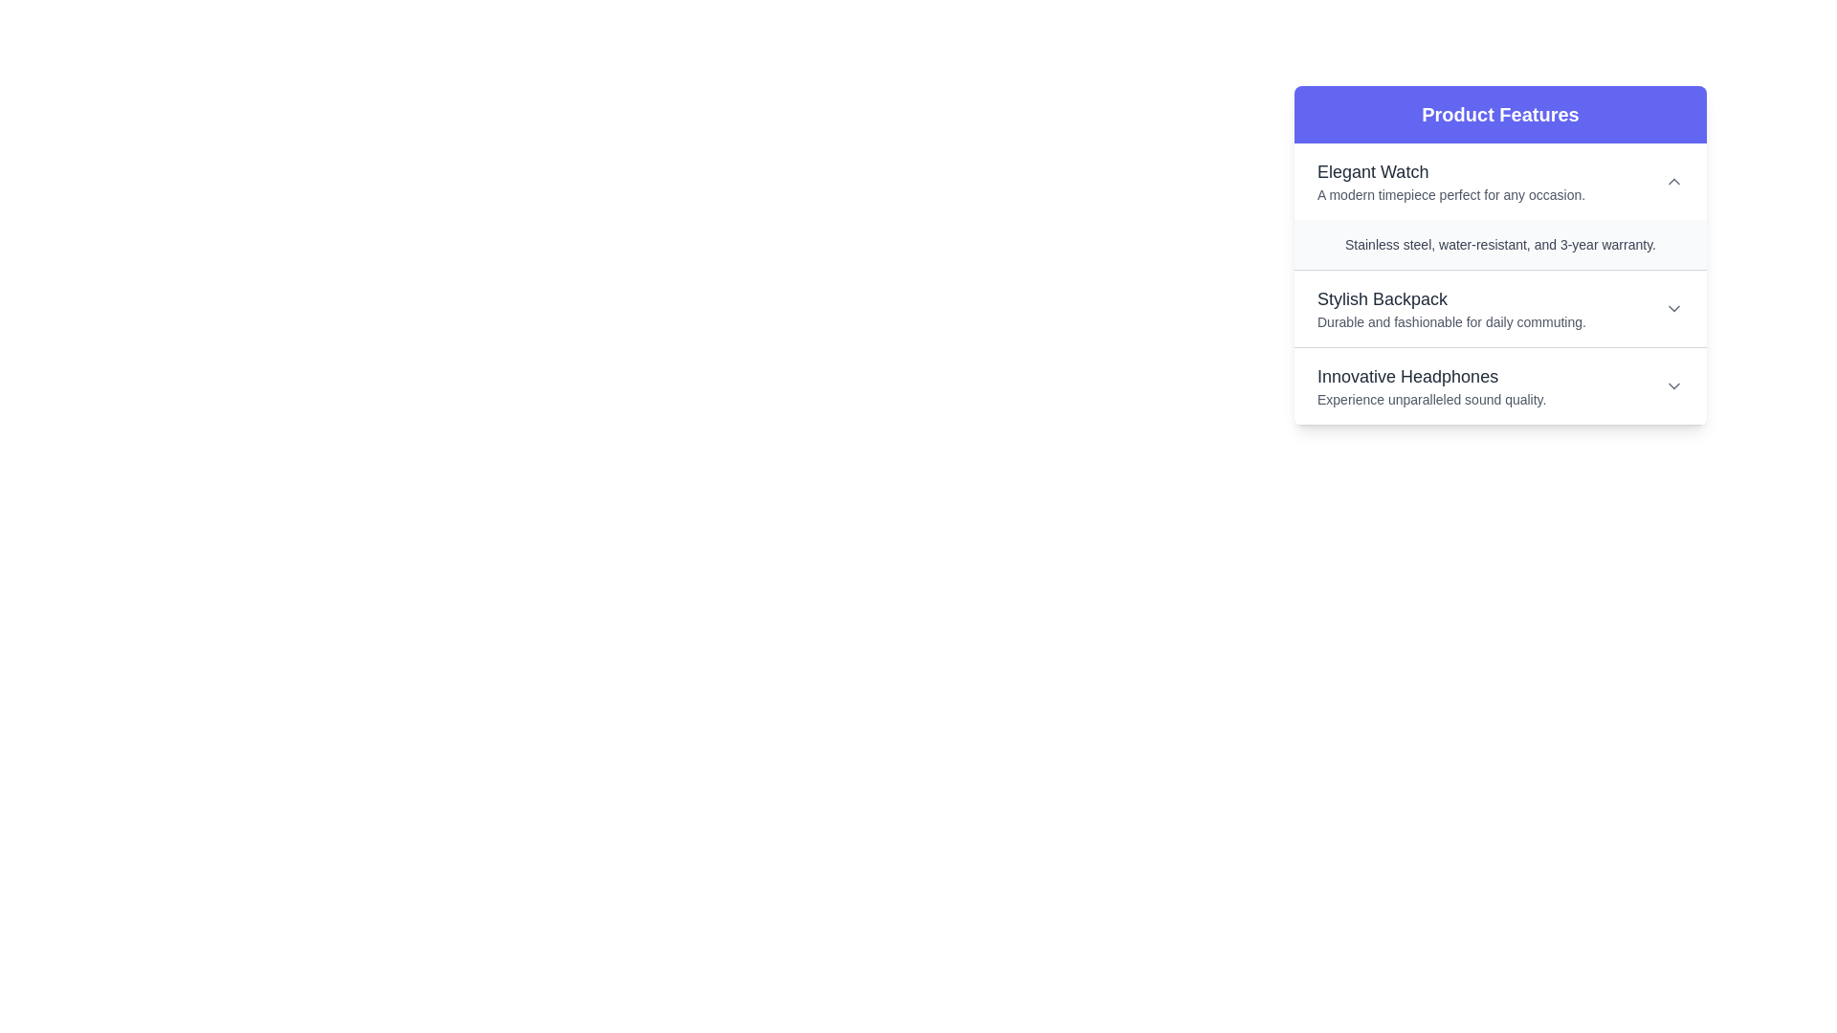 This screenshot has height=1033, width=1837. Describe the element at coordinates (1499, 308) in the screenshot. I see `the collapsible list item titled 'Stylish Backpack'` at that location.